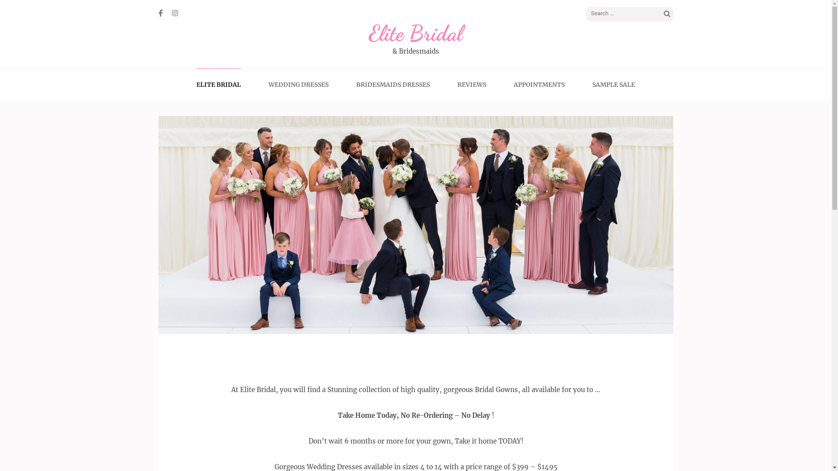 The height and width of the screenshot is (471, 838). I want to click on 'REVIEWS', so click(471, 84).